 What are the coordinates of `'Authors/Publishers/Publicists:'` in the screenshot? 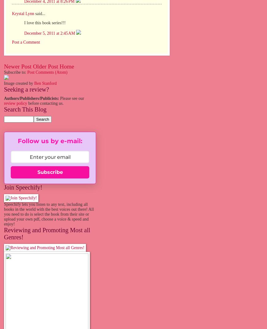 It's located at (31, 98).